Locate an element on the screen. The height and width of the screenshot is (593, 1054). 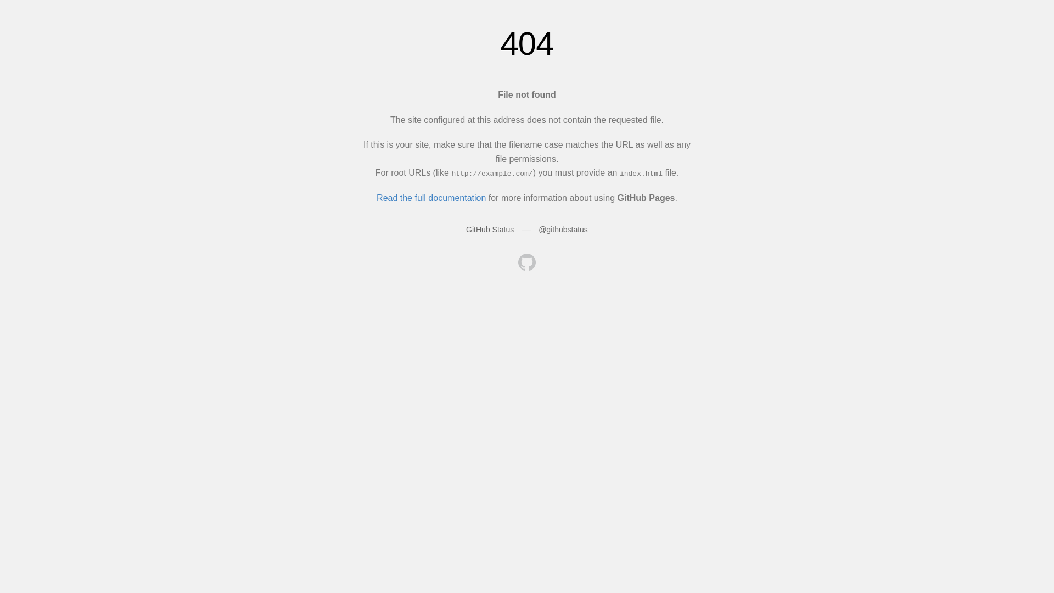
'Read the full documentation' is located at coordinates (430, 198).